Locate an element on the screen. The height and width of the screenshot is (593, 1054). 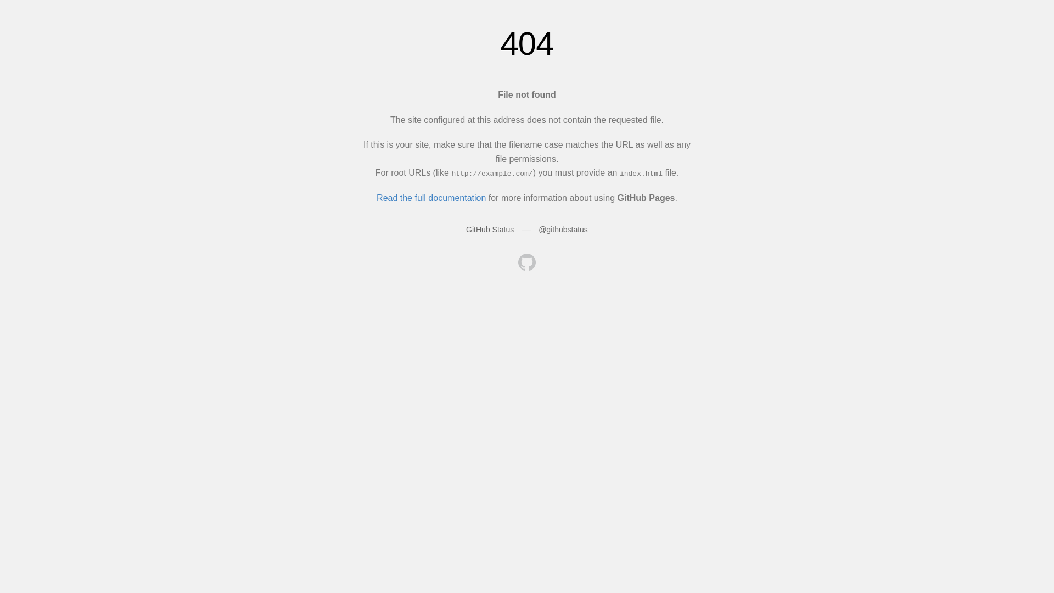
'Read the full documentation' is located at coordinates (430, 198).